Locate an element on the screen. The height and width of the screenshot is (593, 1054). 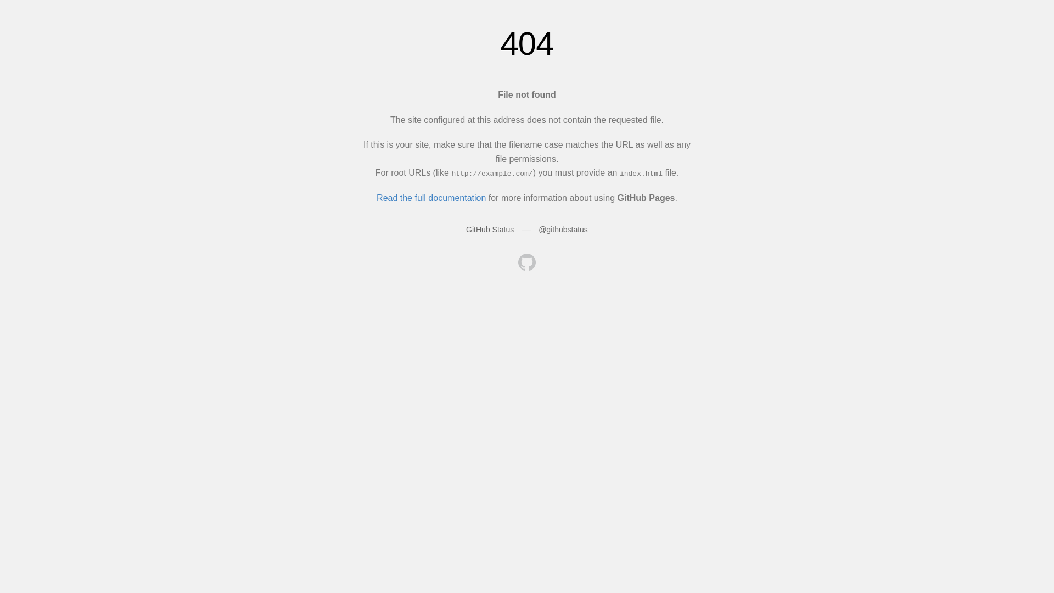
'Read the full documentation' is located at coordinates (430, 198).